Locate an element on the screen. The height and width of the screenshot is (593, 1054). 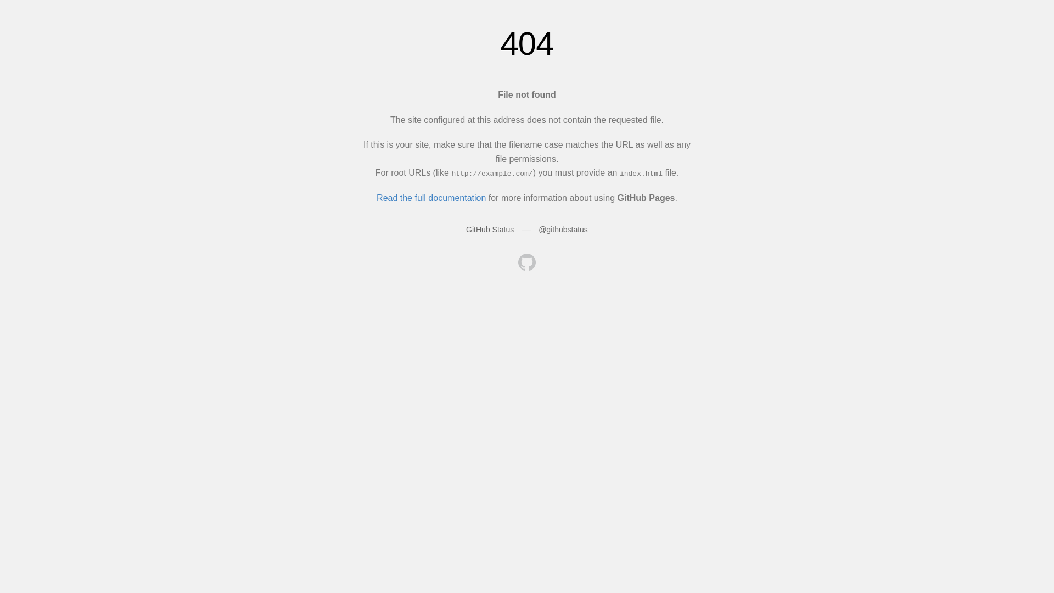
'Read the full documentation' is located at coordinates (430, 198).